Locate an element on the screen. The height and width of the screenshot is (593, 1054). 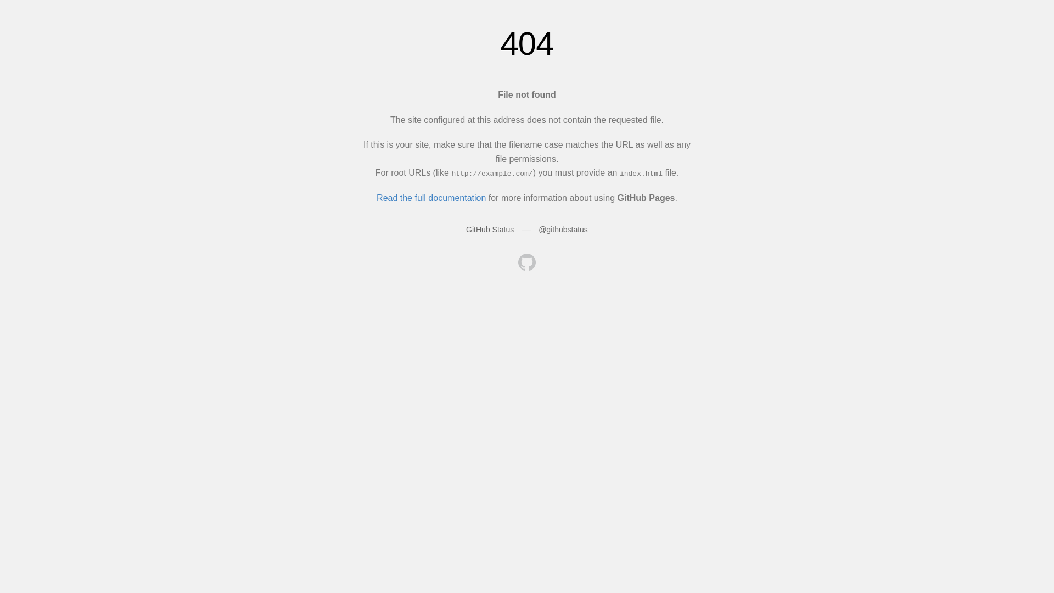
'Read the full documentation' is located at coordinates (430, 198).